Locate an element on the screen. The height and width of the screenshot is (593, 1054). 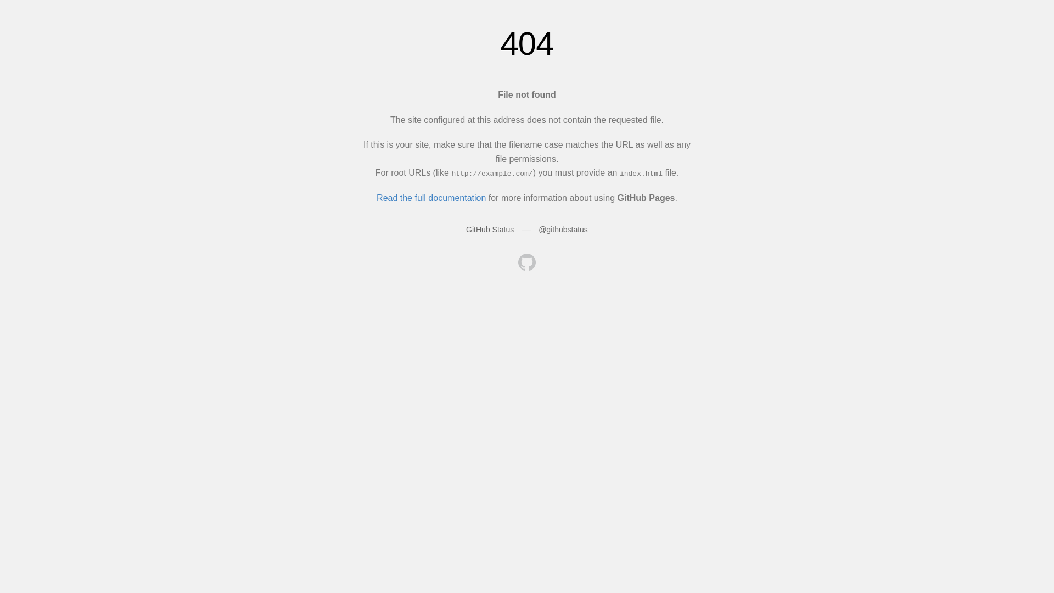
'Read the full documentation' is located at coordinates (430, 198).